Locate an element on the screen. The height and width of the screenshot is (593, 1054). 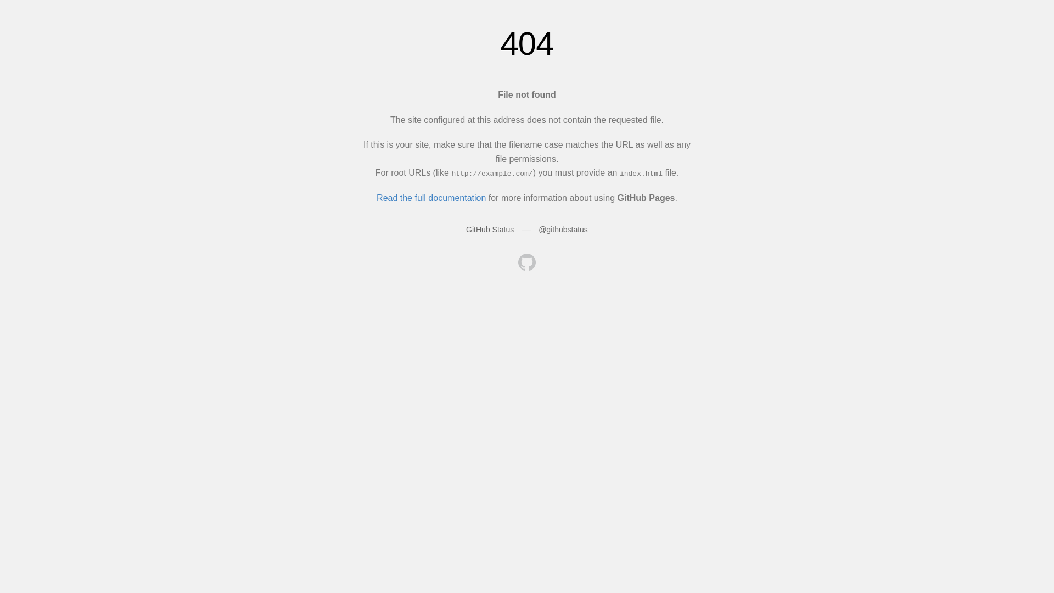
'Read the full documentation' is located at coordinates (430, 198).